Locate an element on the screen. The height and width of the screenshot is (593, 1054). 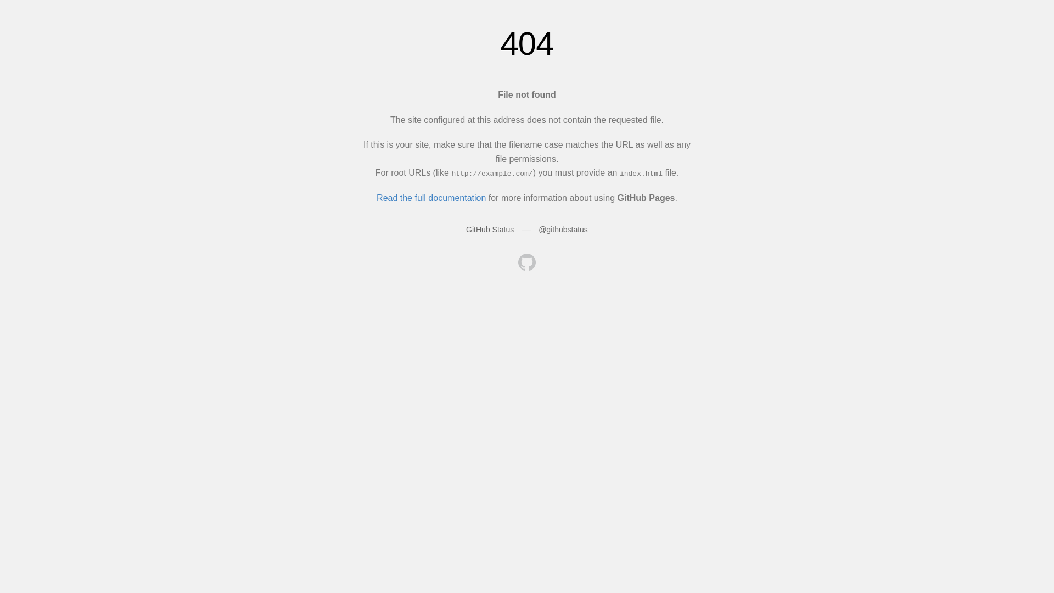
'Read the full documentation' is located at coordinates (430, 198).